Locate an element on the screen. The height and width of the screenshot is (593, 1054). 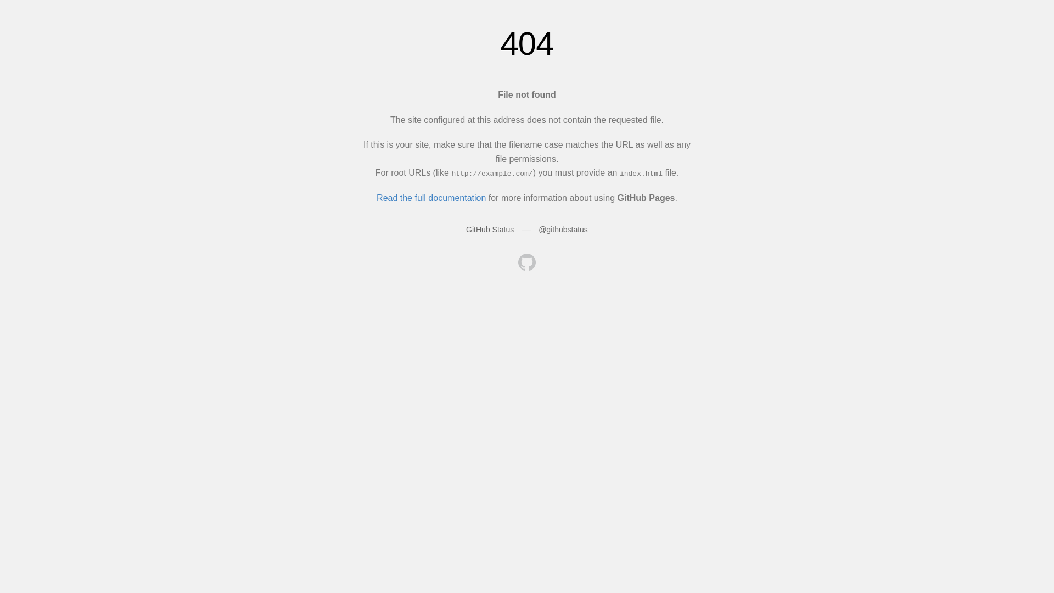
'Read the full documentation' is located at coordinates (430, 198).